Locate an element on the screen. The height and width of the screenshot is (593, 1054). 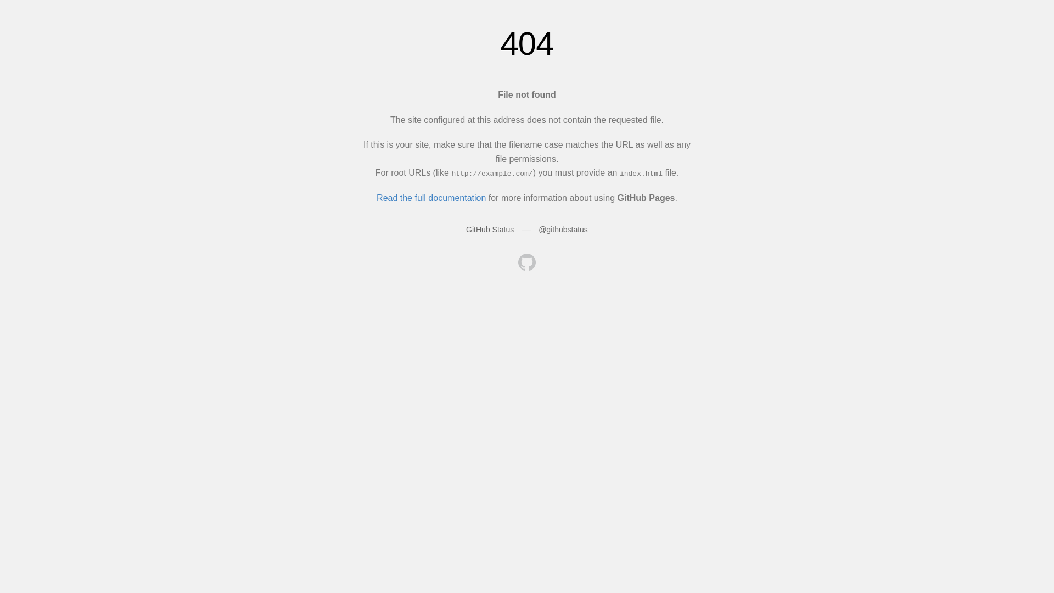
'Read the full documentation' is located at coordinates (430, 198).